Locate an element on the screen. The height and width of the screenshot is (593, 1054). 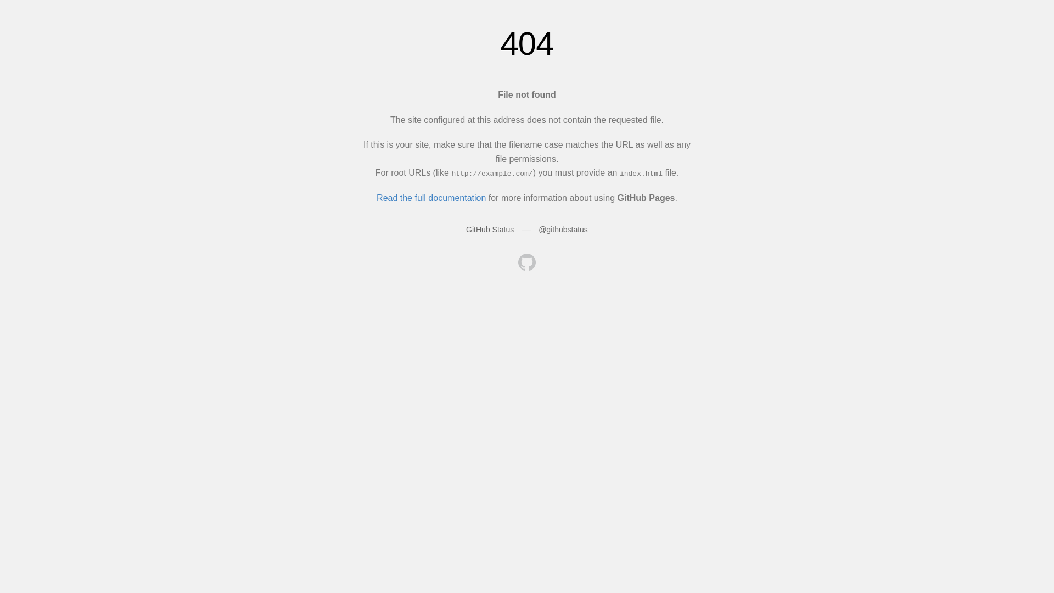
'Read the full documentation' is located at coordinates (430, 198).